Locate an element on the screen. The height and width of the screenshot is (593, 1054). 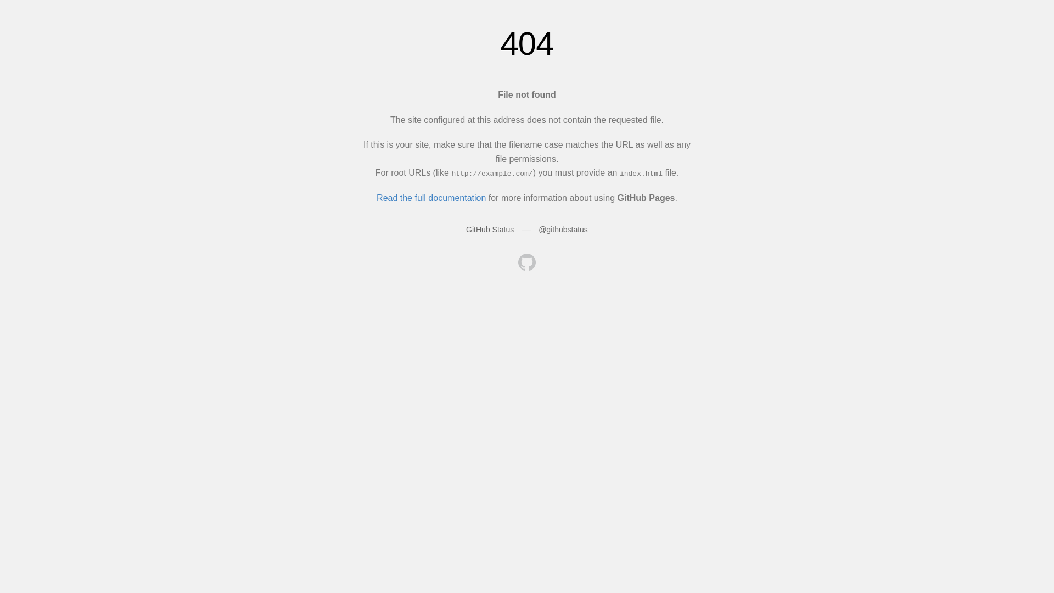
'Read the full documentation' is located at coordinates (430, 198).